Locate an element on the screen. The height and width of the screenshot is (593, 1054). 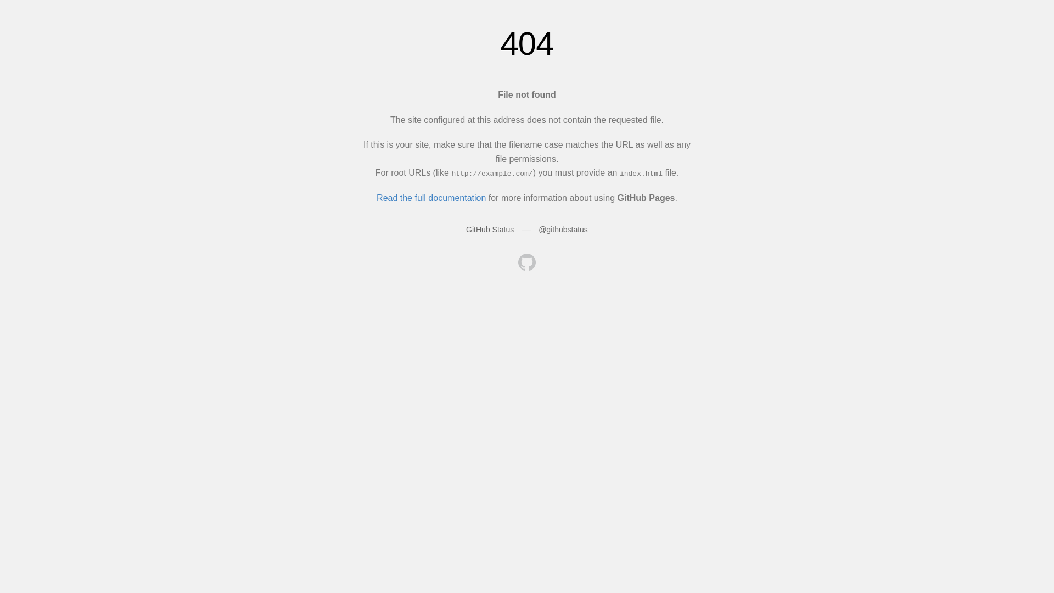
'Read the full documentation' is located at coordinates (430, 198).